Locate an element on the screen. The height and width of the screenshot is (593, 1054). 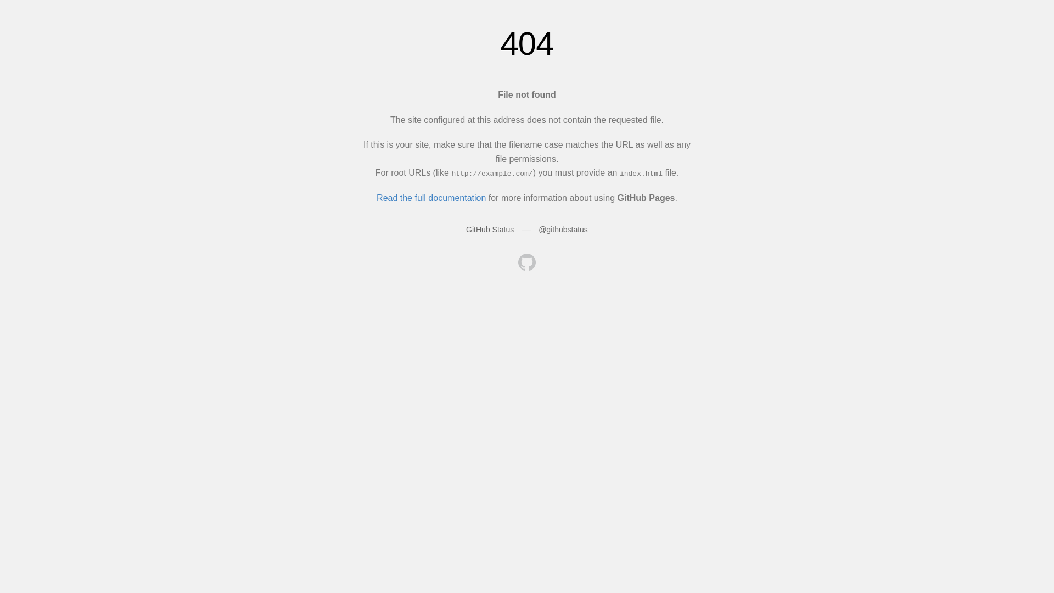
'Read the full documentation' is located at coordinates (430, 198).